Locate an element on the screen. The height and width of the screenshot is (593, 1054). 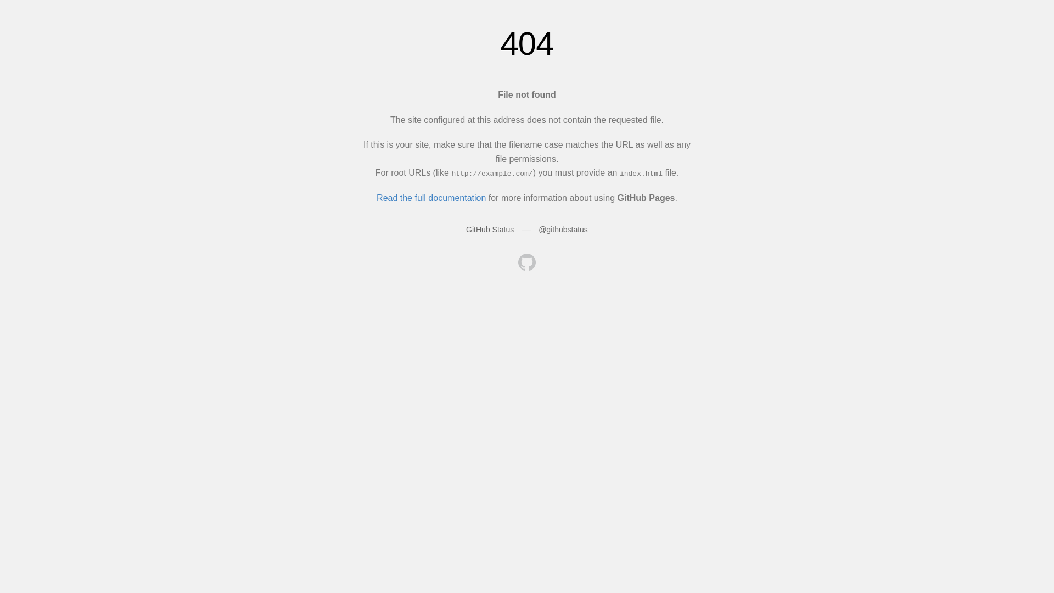
'Read the full documentation' is located at coordinates (430, 198).